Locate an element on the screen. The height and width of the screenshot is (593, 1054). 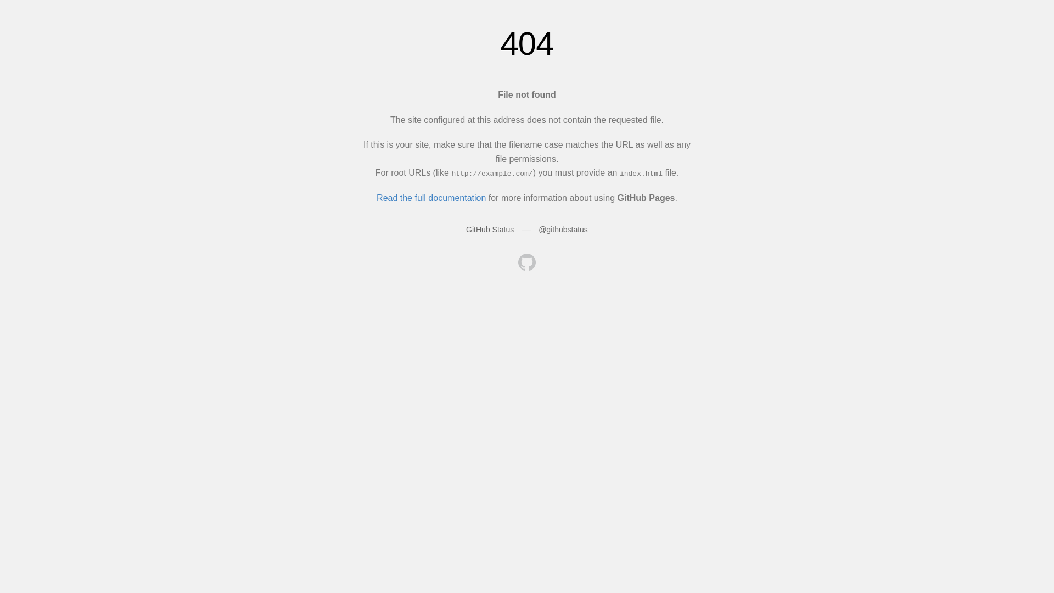
'Read the full documentation' is located at coordinates (430, 198).